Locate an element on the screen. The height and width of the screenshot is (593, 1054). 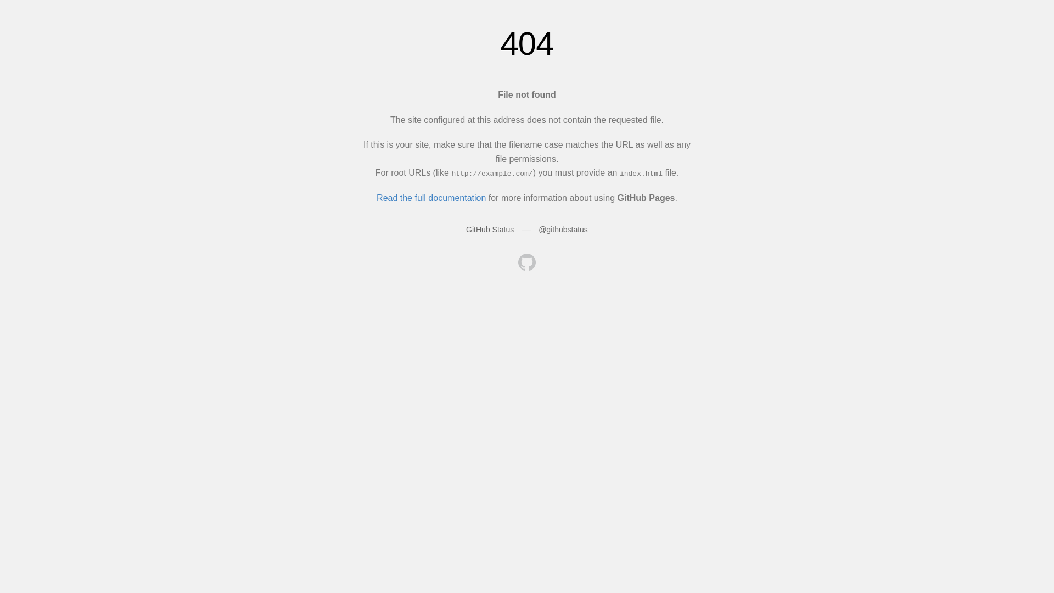
'Read the full documentation' is located at coordinates (430, 198).